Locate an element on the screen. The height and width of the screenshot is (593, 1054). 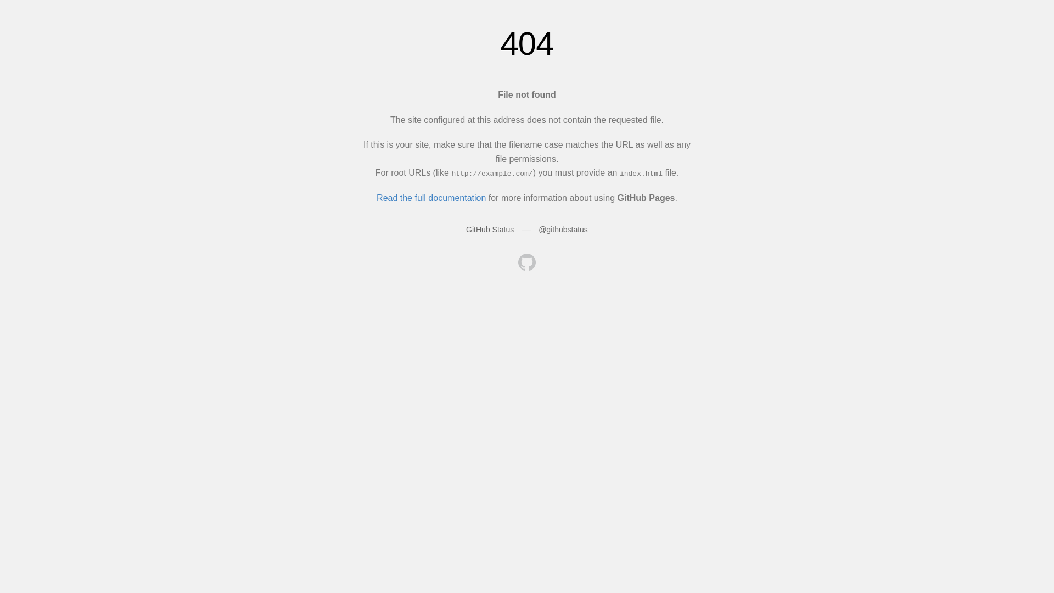
'Read the full documentation' is located at coordinates (430, 198).